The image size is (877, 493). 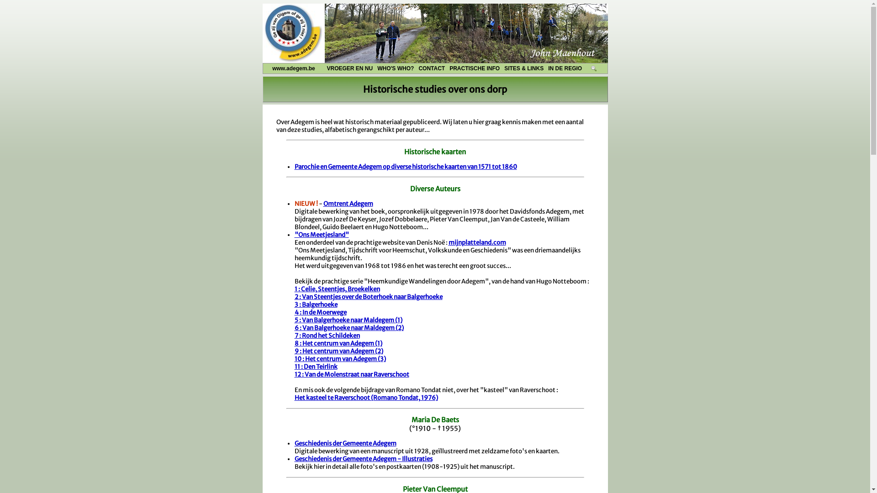 What do you see at coordinates (321, 234) in the screenshot?
I see `'"Ons Meetjesland"'` at bounding box center [321, 234].